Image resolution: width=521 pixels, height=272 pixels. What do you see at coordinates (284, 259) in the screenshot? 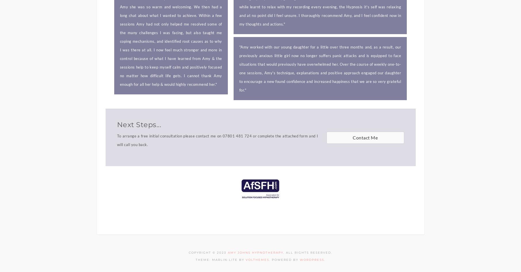
I see `'. Powered by'` at bounding box center [284, 259].